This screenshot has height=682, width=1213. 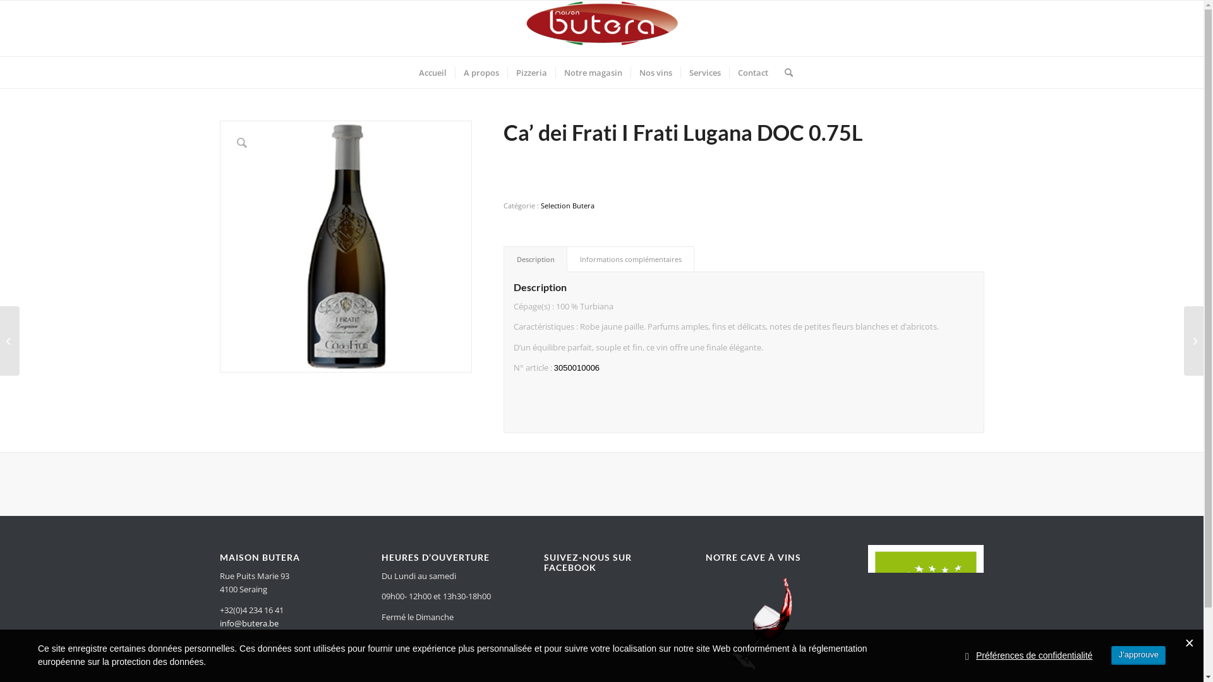 What do you see at coordinates (531, 73) in the screenshot?
I see `'Pizzeria'` at bounding box center [531, 73].